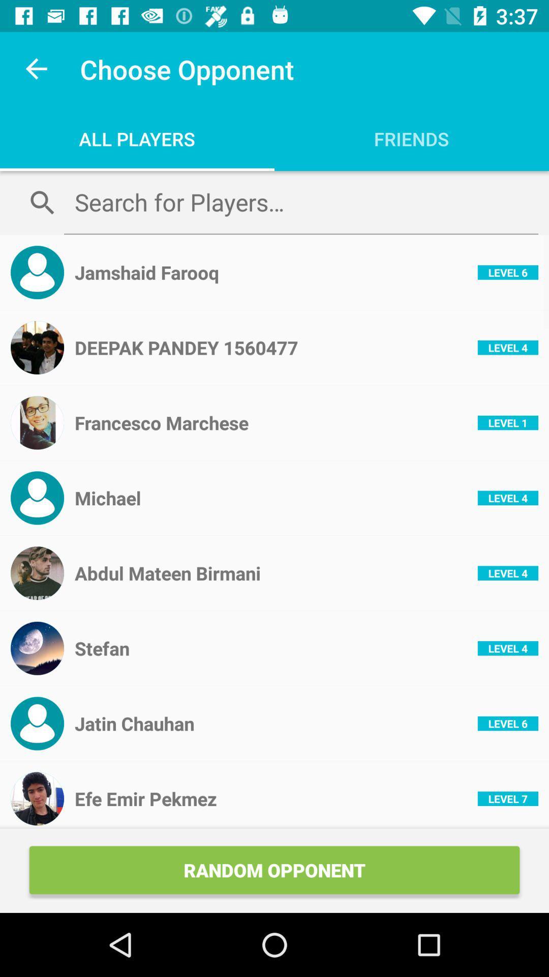 This screenshot has height=977, width=549. Describe the element at coordinates (300, 202) in the screenshot. I see `search for player` at that location.